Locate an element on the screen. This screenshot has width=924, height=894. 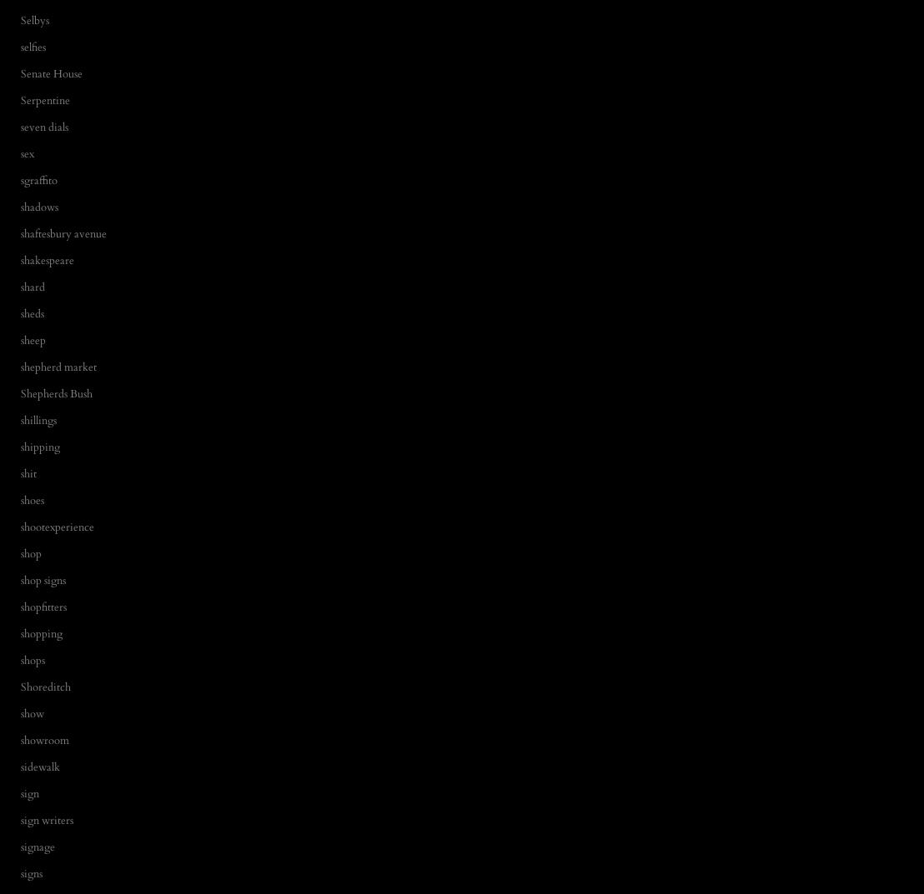
'signage' is located at coordinates (38, 847).